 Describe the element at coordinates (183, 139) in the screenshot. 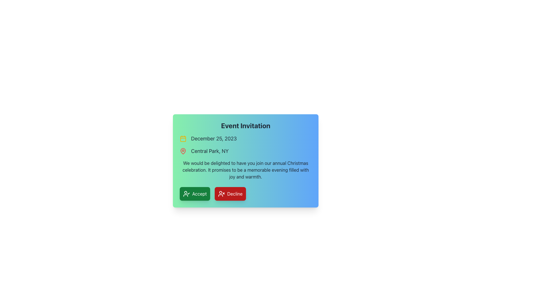

I see `the rounded rectangle element that is part of the calendar icon located at the top left corner of the invitation card` at that location.